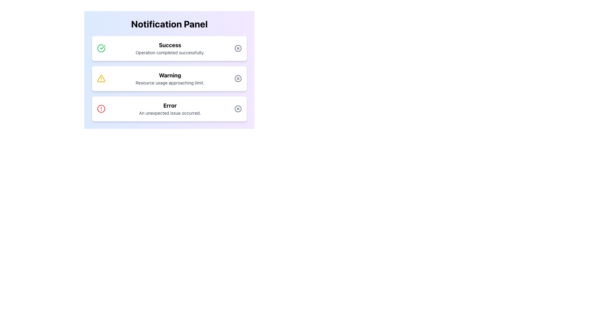  I want to click on text from the bold 'Warning' label displayed in large font in the middle section of the notification panel, so click(170, 75).